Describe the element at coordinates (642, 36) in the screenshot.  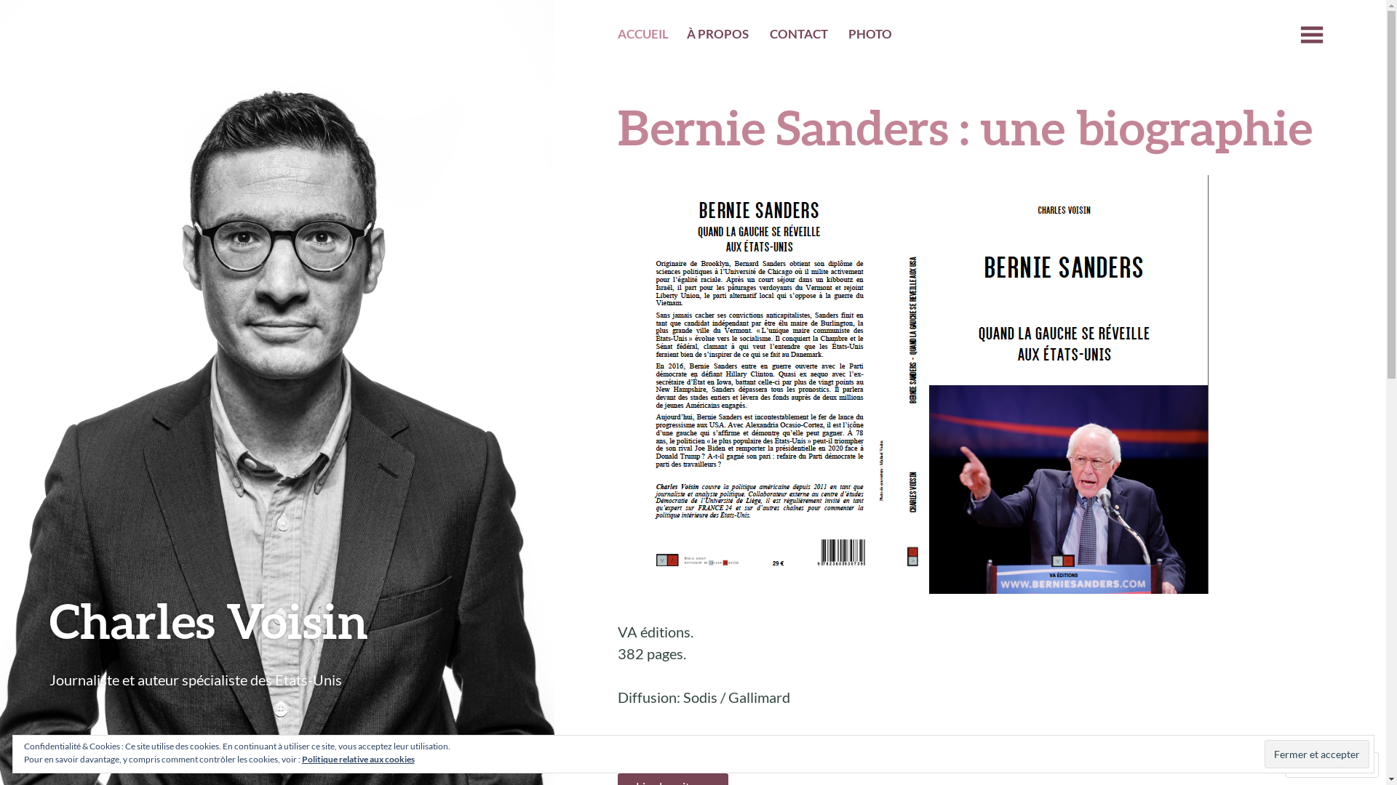
I see `'ACCUEIL'` at that location.